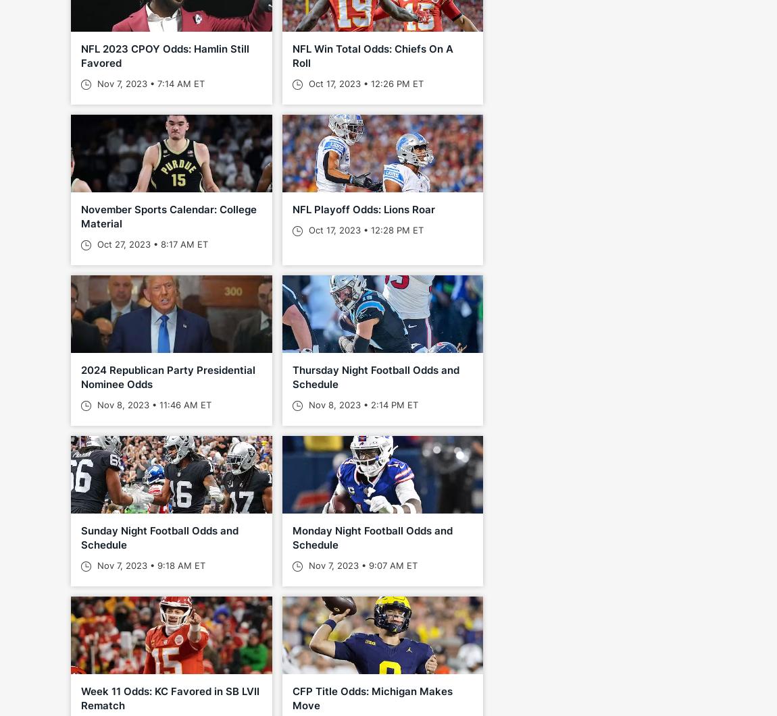 The image size is (777, 716). What do you see at coordinates (375, 377) in the screenshot?
I see `'Thursday Night Football Odds and Schedule'` at bounding box center [375, 377].